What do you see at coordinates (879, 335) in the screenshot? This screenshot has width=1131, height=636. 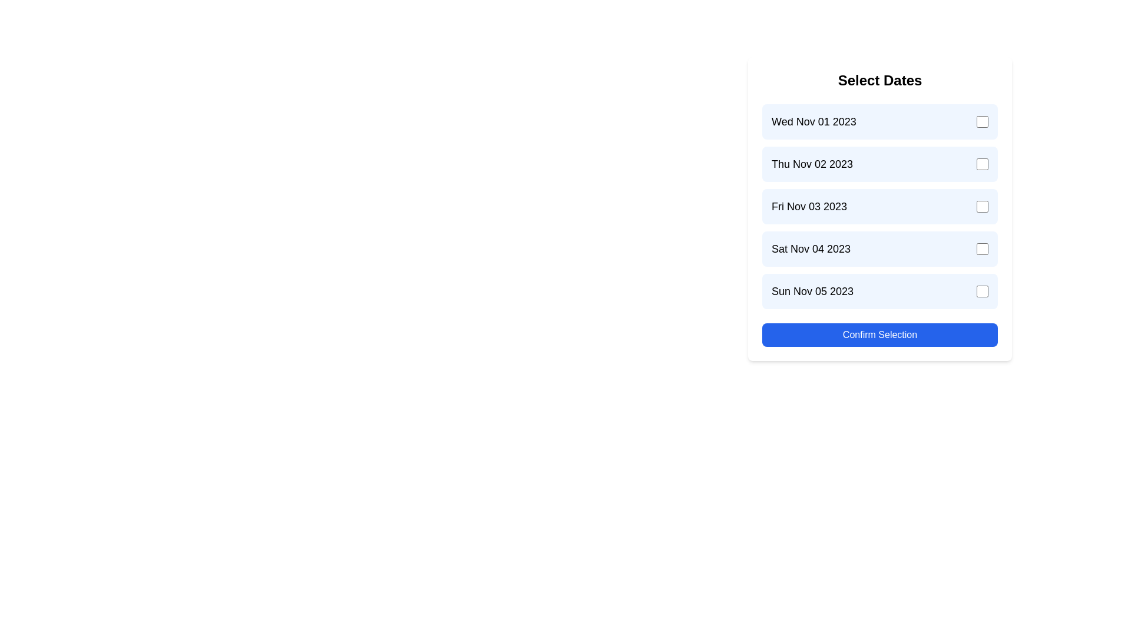 I see `'Confirm Selection' button to finalize the chosen dates` at bounding box center [879, 335].